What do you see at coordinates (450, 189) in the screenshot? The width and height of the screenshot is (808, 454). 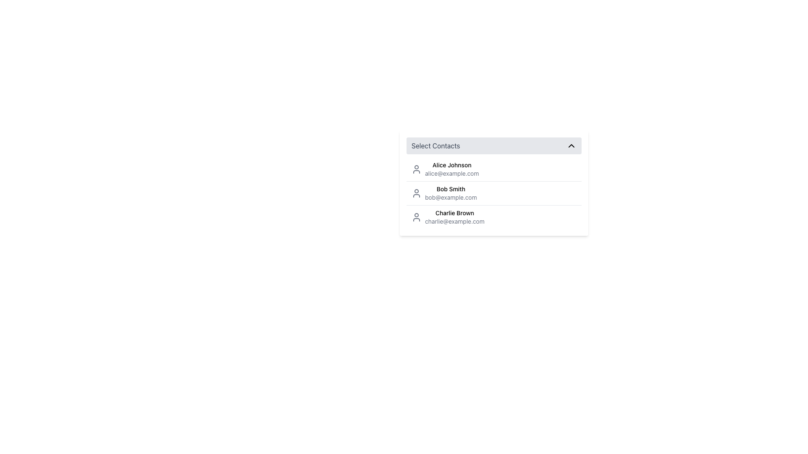 I see `text label displaying 'Bob Smith', which is emphasized in bold and located in the second item of the contact list, just above the email 'bob@example.com'` at bounding box center [450, 189].